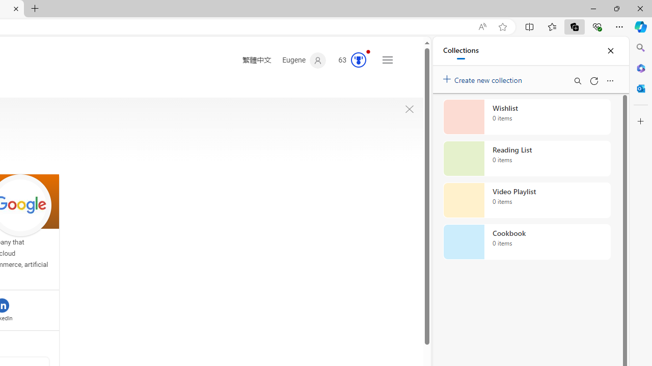  What do you see at coordinates (527, 241) in the screenshot?
I see `'Cookbook collection, 0 items'` at bounding box center [527, 241].